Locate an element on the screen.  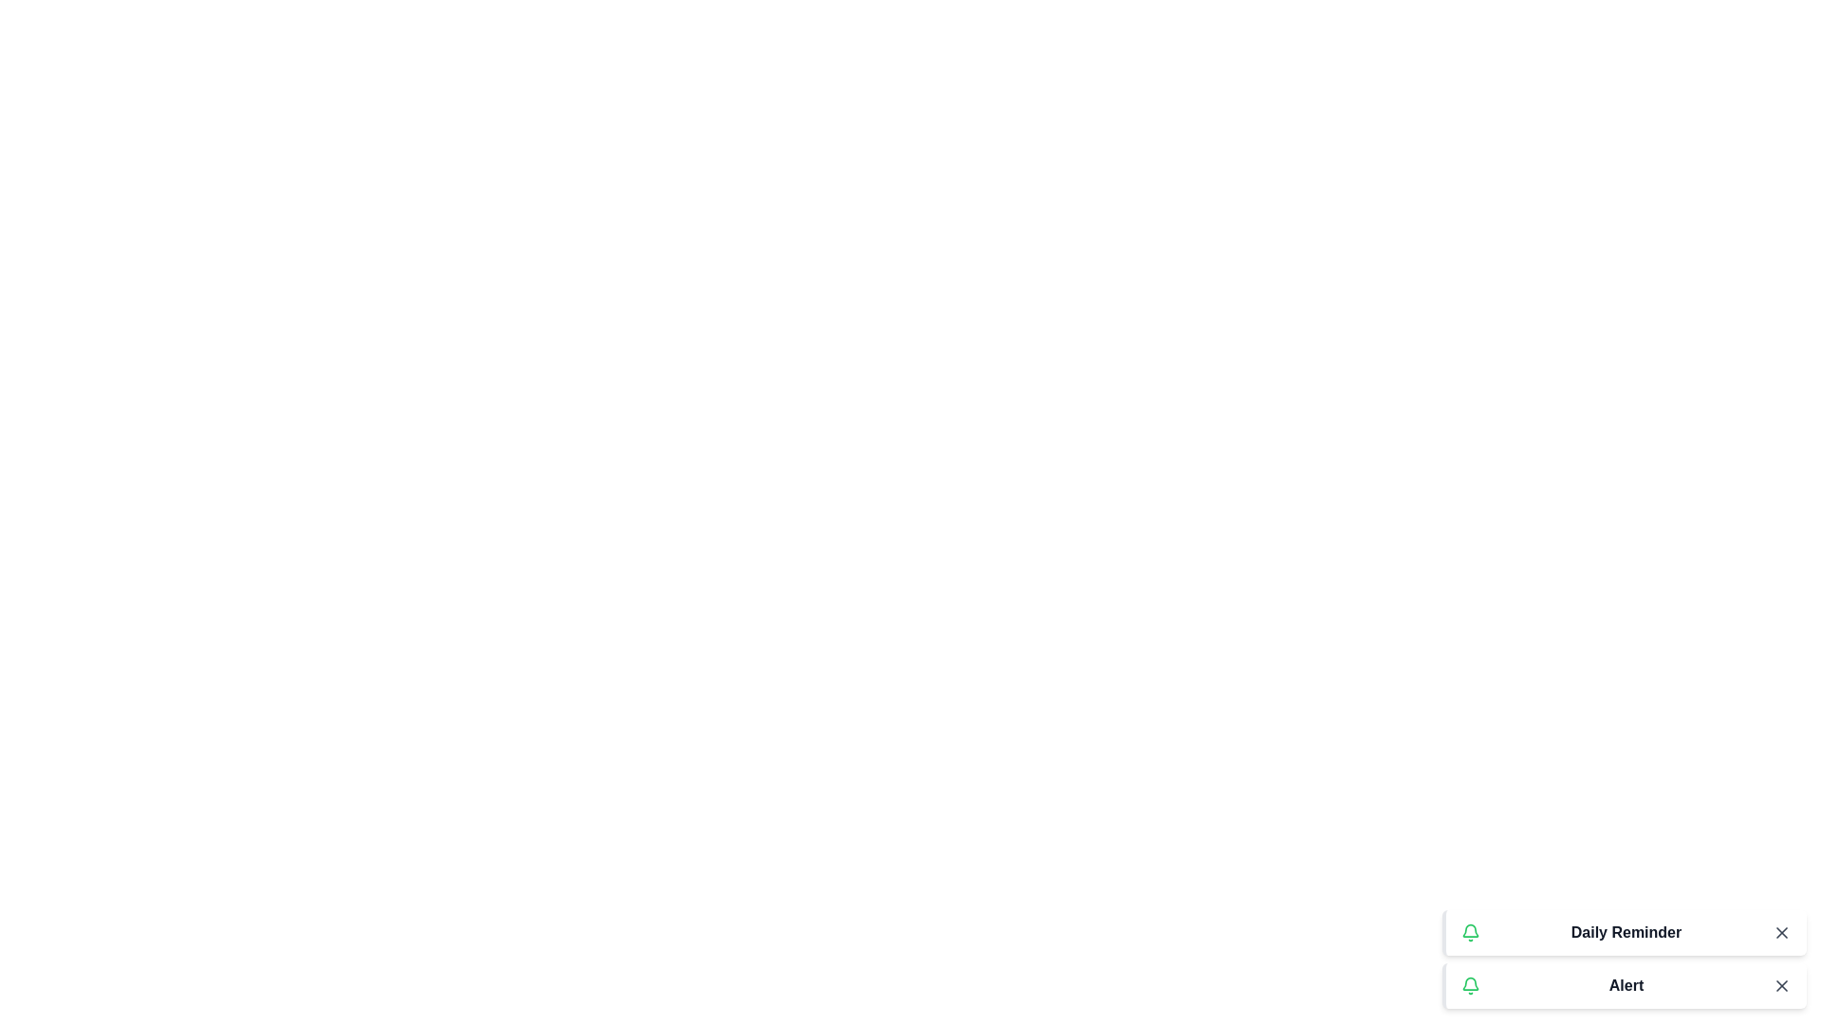
the close button of the notification titled 'Alert' is located at coordinates (1780, 985).